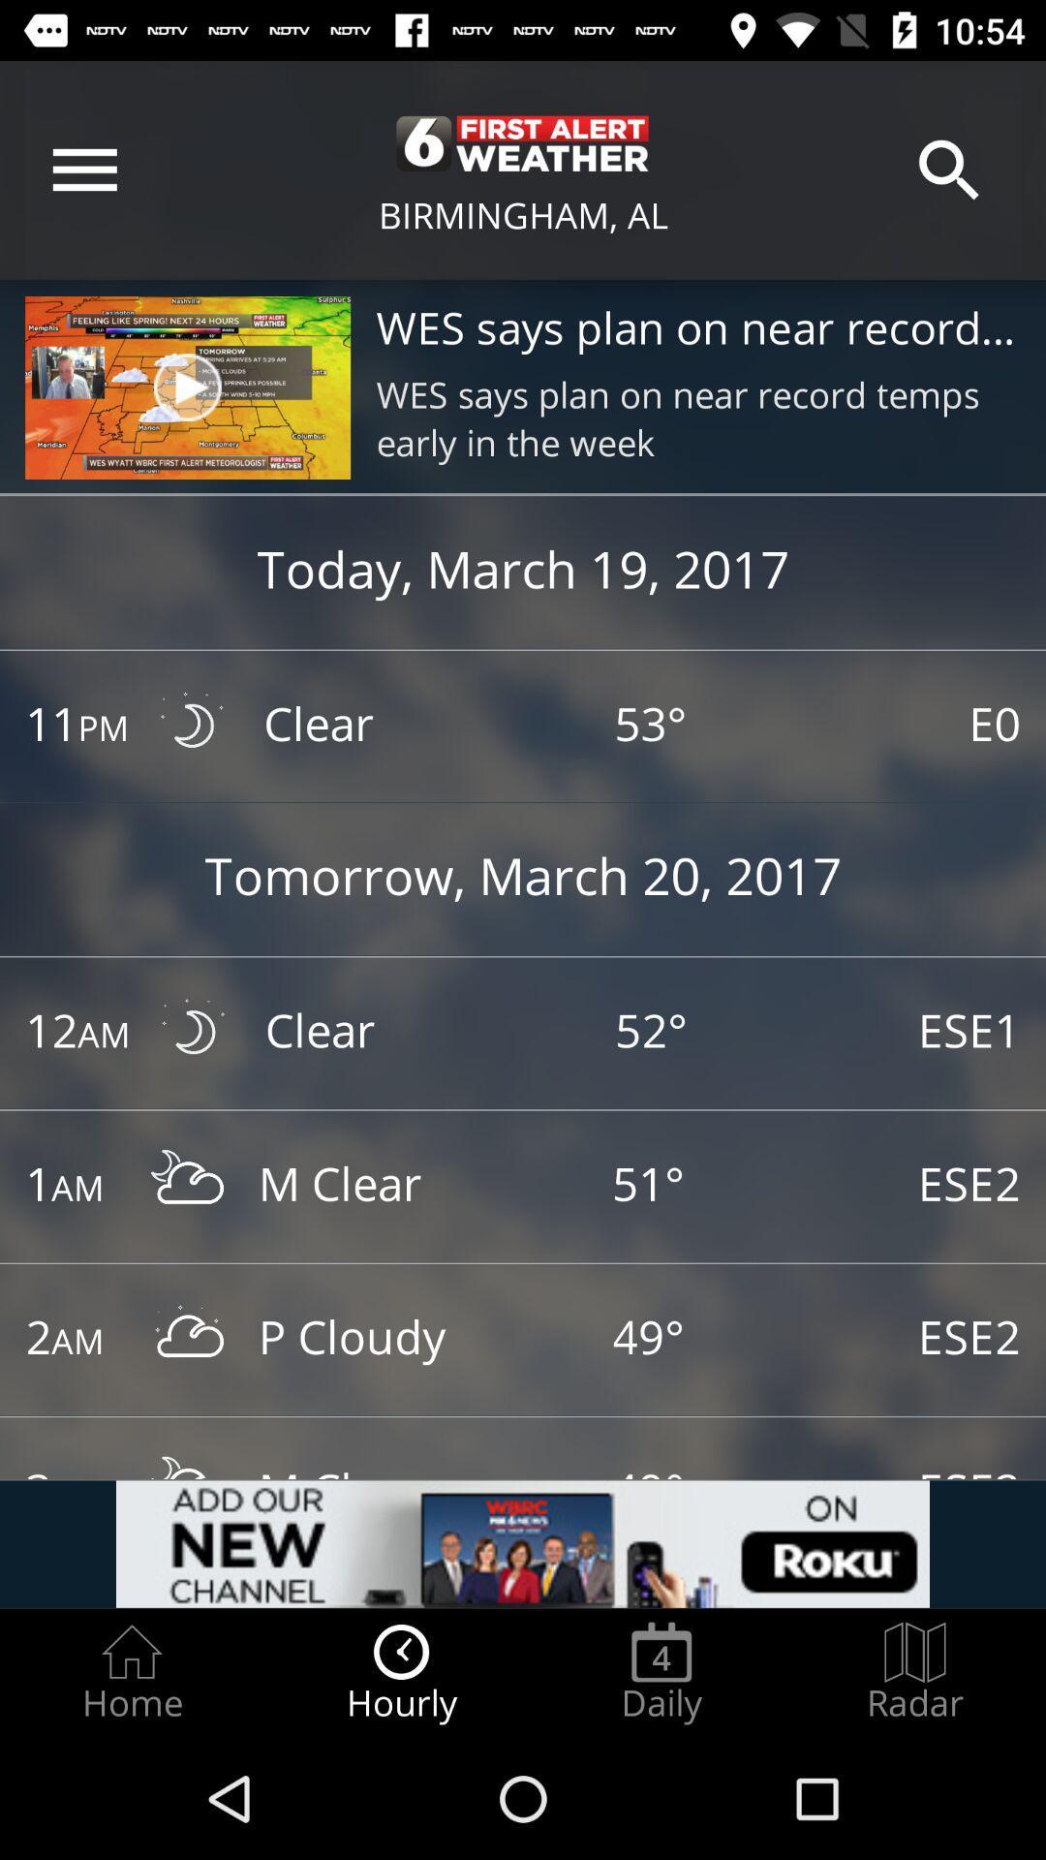  What do you see at coordinates (661, 1672) in the screenshot?
I see `daily` at bounding box center [661, 1672].